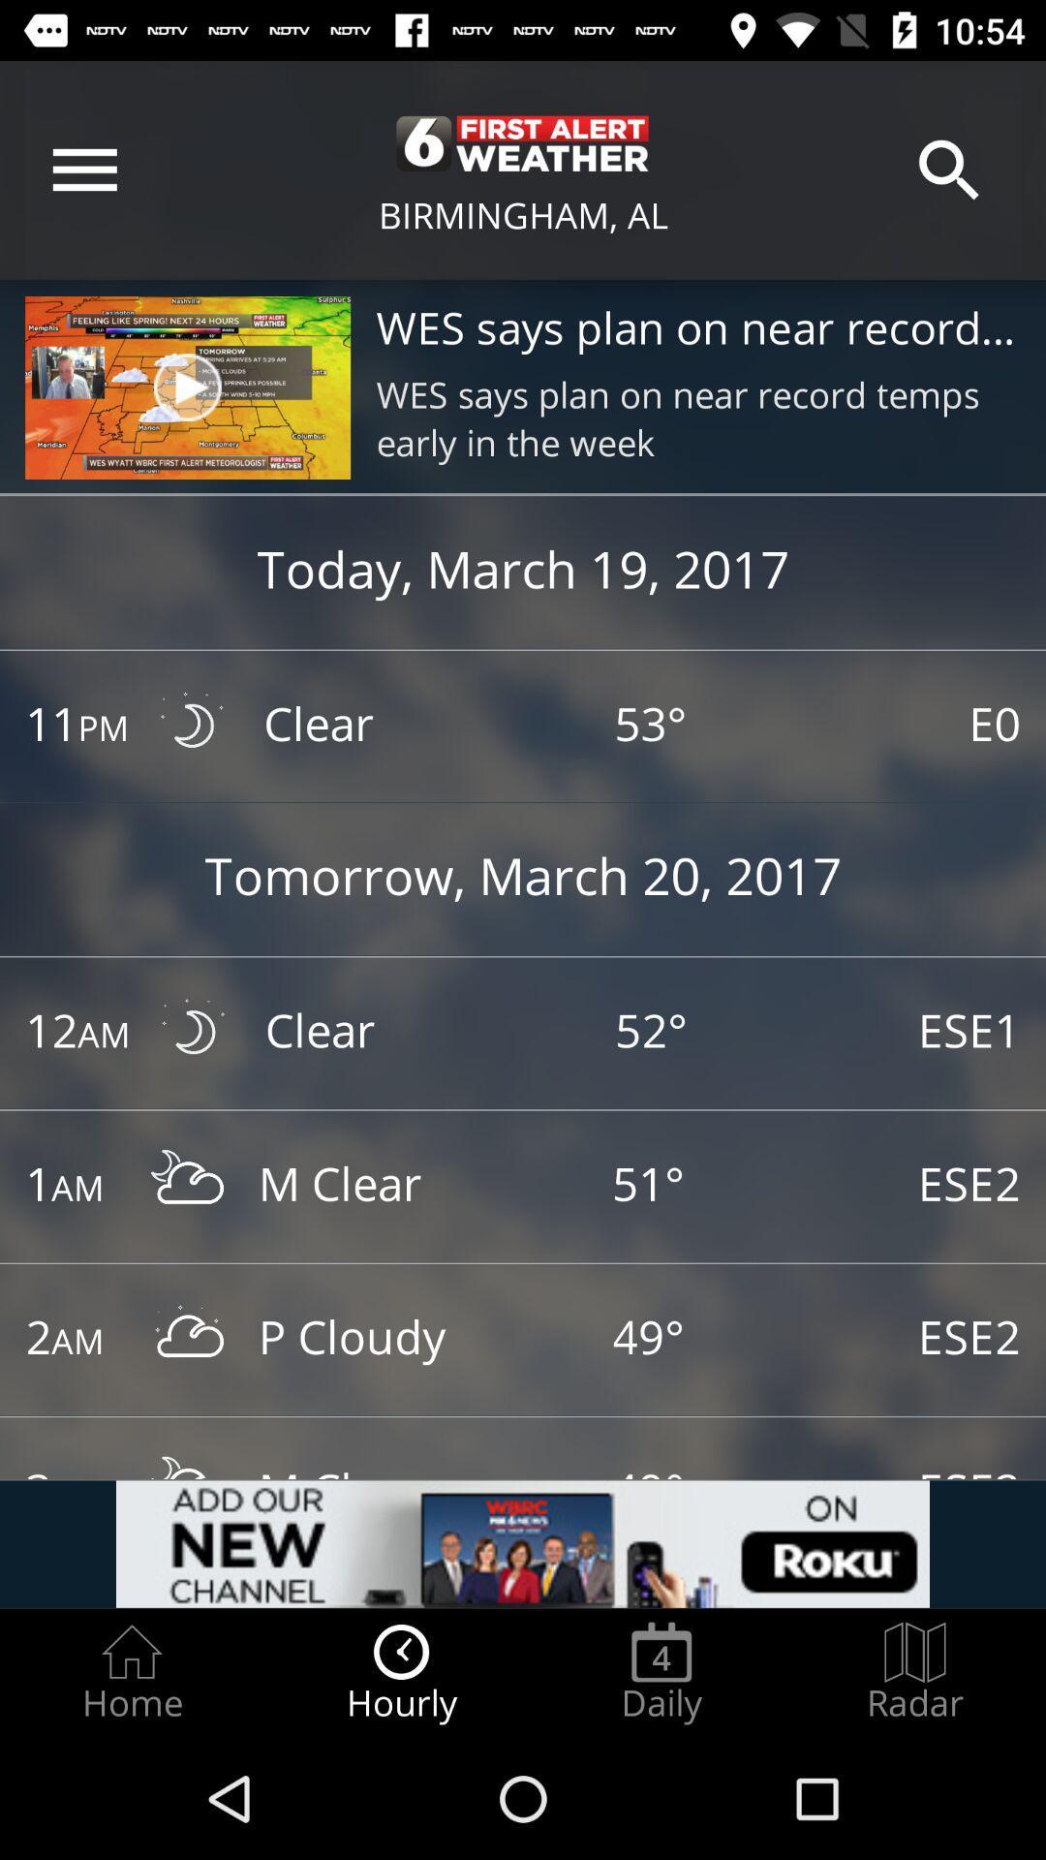  What do you see at coordinates (661, 1672) in the screenshot?
I see `daily` at bounding box center [661, 1672].